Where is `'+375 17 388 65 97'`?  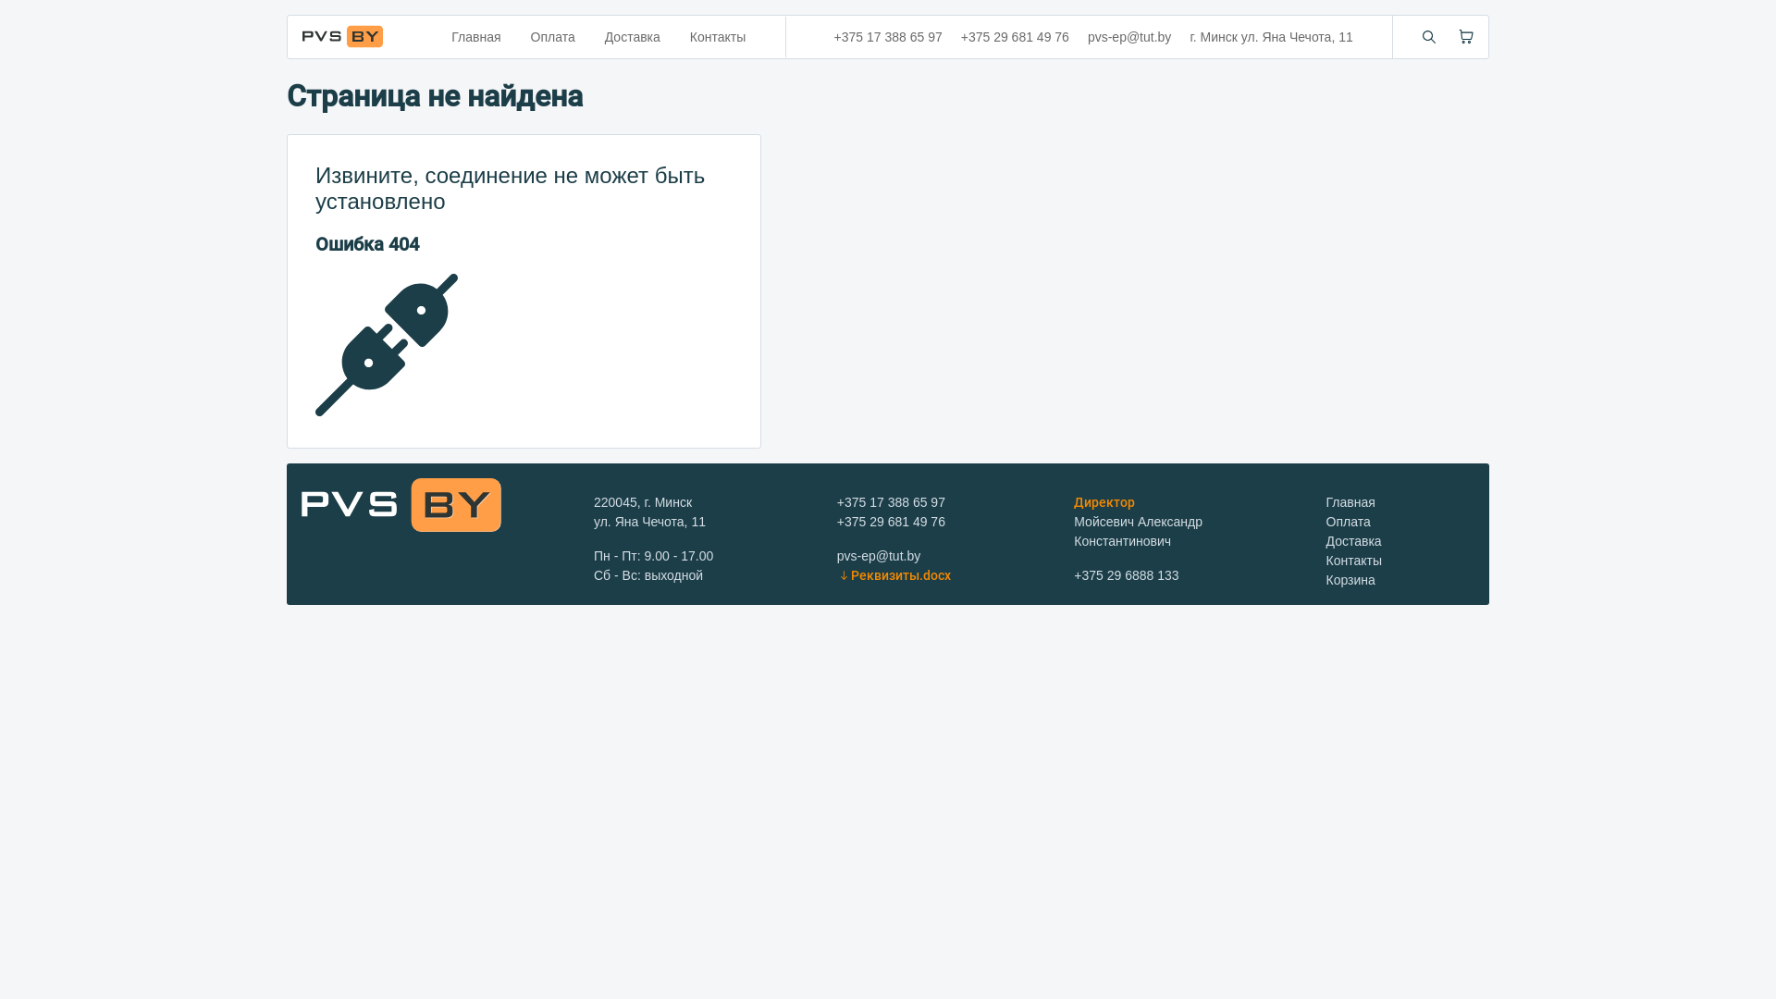 '+375 17 388 65 97' is located at coordinates (888, 36).